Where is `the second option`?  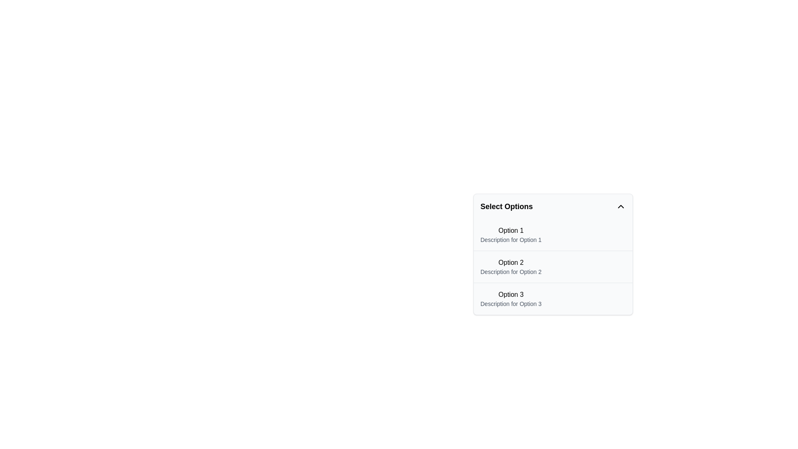
the second option is located at coordinates (553, 266).